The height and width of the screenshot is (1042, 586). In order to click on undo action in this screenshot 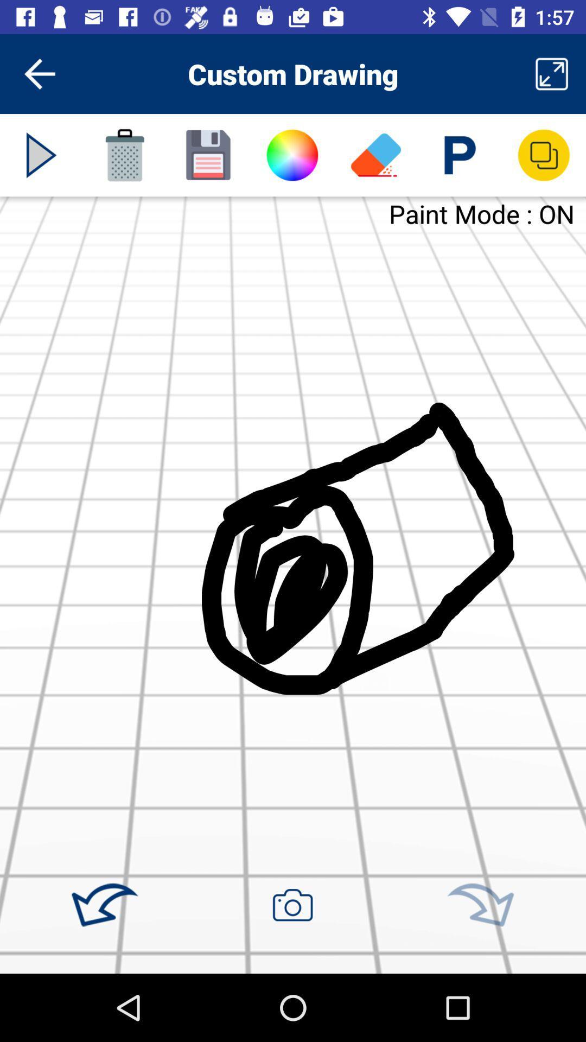, I will do `click(105, 905)`.